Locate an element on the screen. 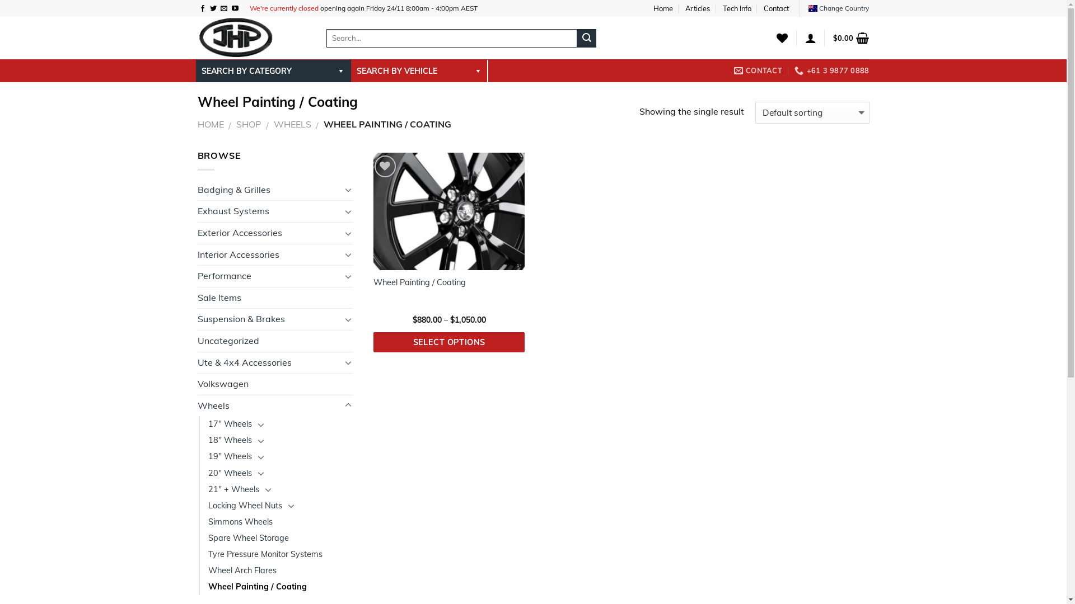 The height and width of the screenshot is (604, 1075). 'Tech Info' is located at coordinates (723, 8).